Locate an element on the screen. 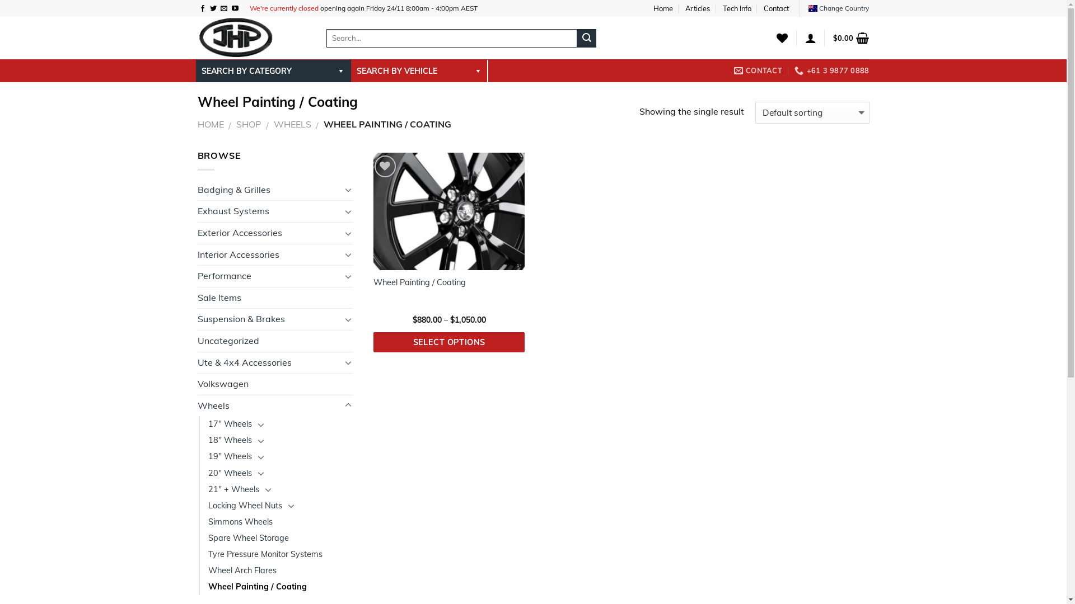 The height and width of the screenshot is (604, 1075). 'Tech Info' is located at coordinates (723, 8).